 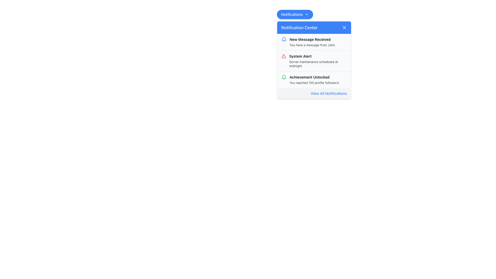 I want to click on the third notification entry in the Notification Center that displays 'Achievement Unlocked' with the message 'You reached 100 profile followers!' to interact with it, so click(x=314, y=80).